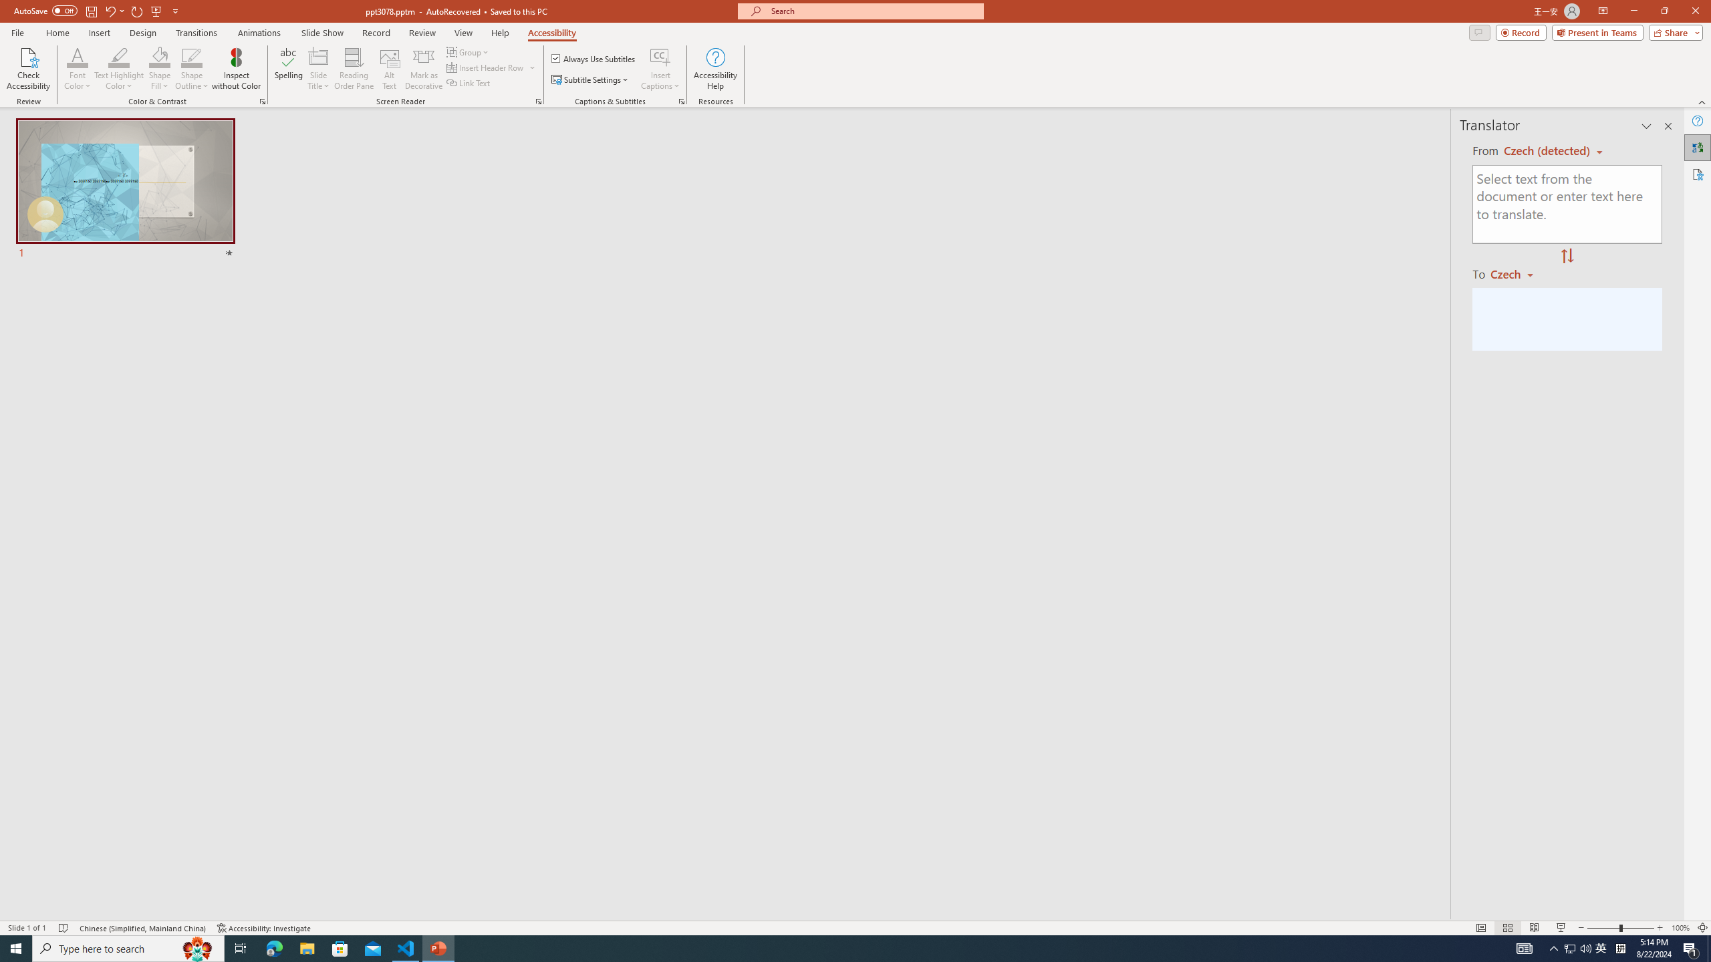 The image size is (1711, 962). What do you see at coordinates (1681, 928) in the screenshot?
I see `'Zoom 100%'` at bounding box center [1681, 928].